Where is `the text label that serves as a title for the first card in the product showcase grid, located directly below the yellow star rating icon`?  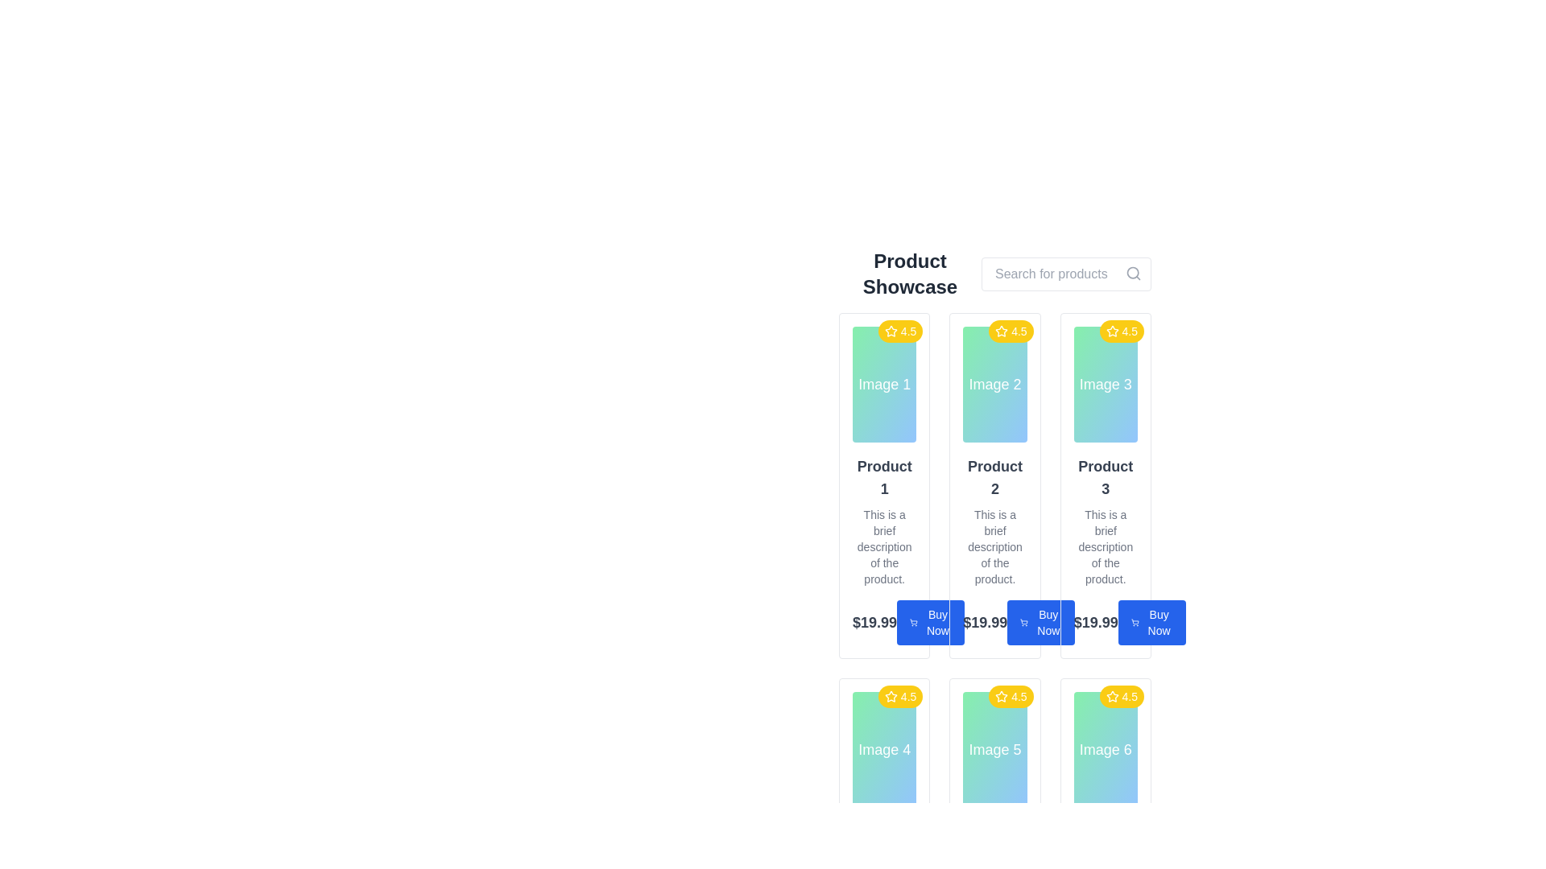
the text label that serves as a title for the first card in the product showcase grid, located directly below the yellow star rating icon is located at coordinates (883, 385).